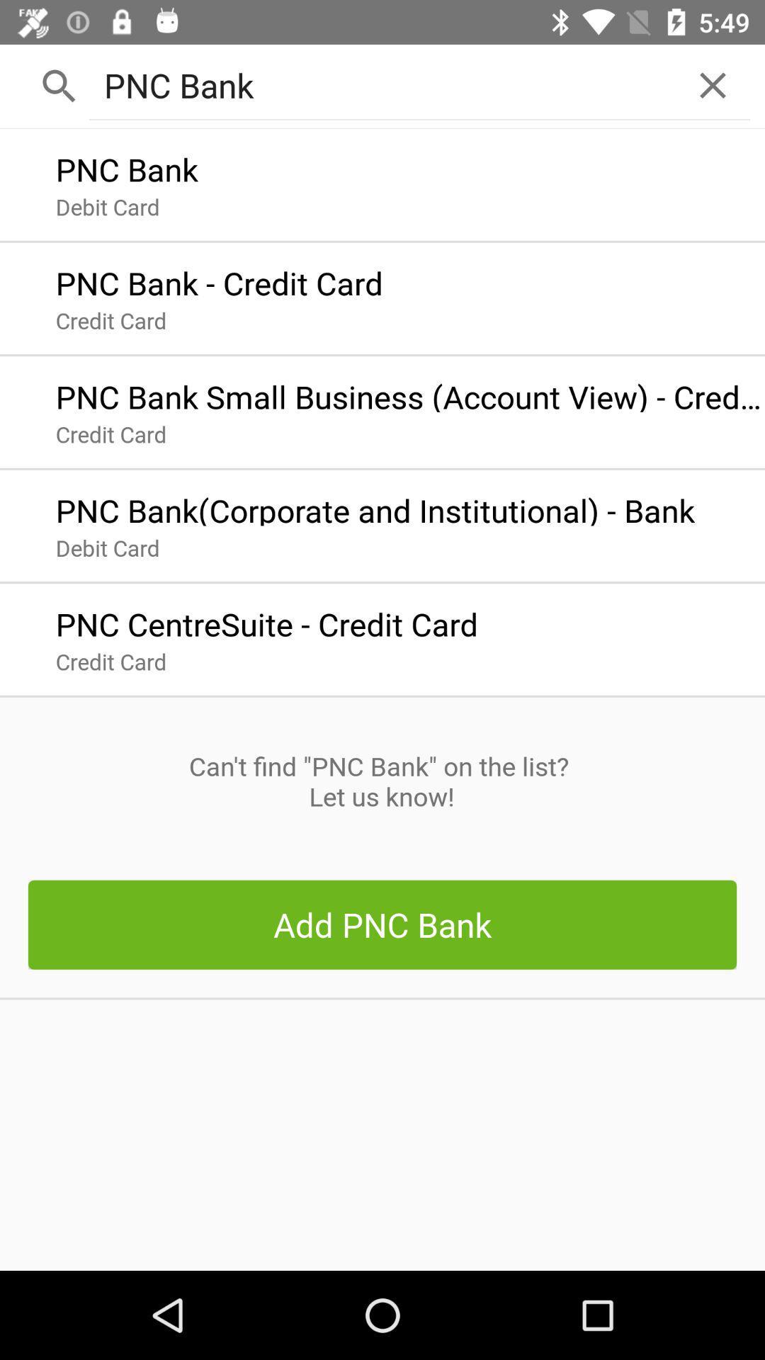 The image size is (765, 1360). What do you see at coordinates (713, 84) in the screenshot?
I see `the close icon` at bounding box center [713, 84].